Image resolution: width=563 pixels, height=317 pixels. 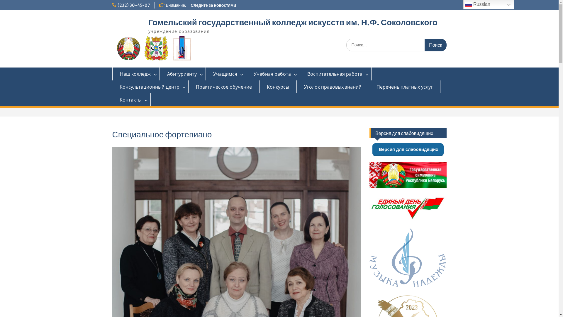 What do you see at coordinates (133, 5) in the screenshot?
I see `'(232) 30-45-07'` at bounding box center [133, 5].